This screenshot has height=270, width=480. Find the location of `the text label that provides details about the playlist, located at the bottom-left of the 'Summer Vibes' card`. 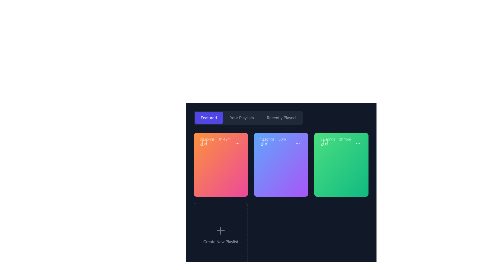

the text label that provides details about the playlist, located at the bottom-left of the 'Summer Vibes' card is located at coordinates (215, 139).